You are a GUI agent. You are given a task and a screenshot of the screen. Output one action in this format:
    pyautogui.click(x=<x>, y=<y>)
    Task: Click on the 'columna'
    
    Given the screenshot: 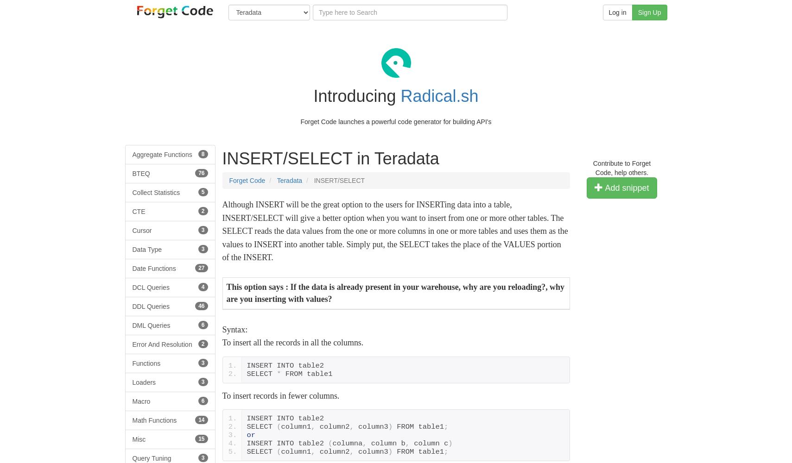 What is the action you would take?
    pyautogui.click(x=347, y=443)
    